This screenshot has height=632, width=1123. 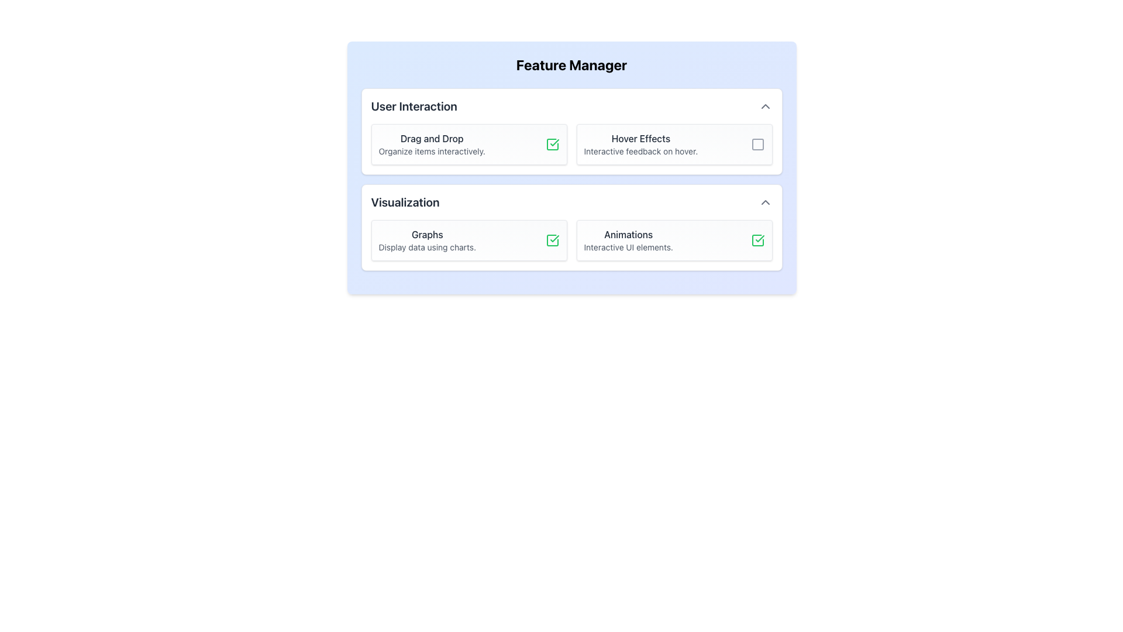 I want to click on the text label displaying 'Organize items interactively.' which is styled in gray and positioned below the 'Drag and Drop' heading, so click(x=431, y=150).